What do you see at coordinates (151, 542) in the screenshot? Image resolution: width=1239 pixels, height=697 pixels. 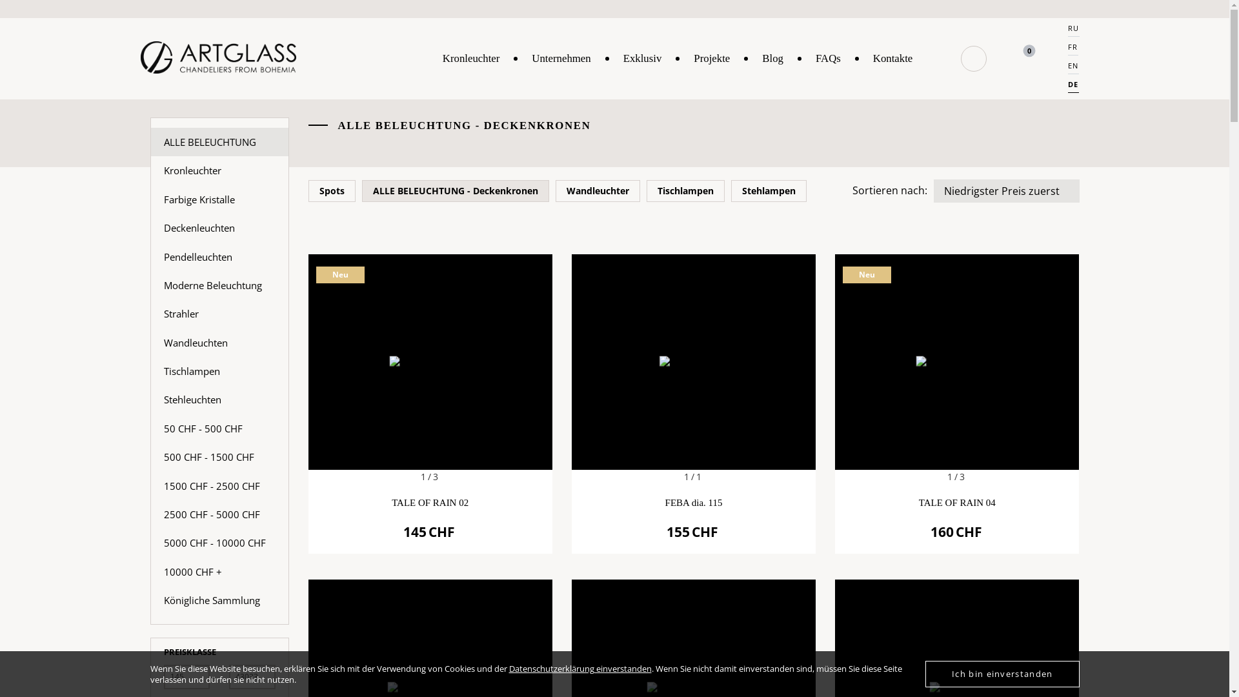 I see `'5000 CHF - 10000 CHF'` at bounding box center [151, 542].